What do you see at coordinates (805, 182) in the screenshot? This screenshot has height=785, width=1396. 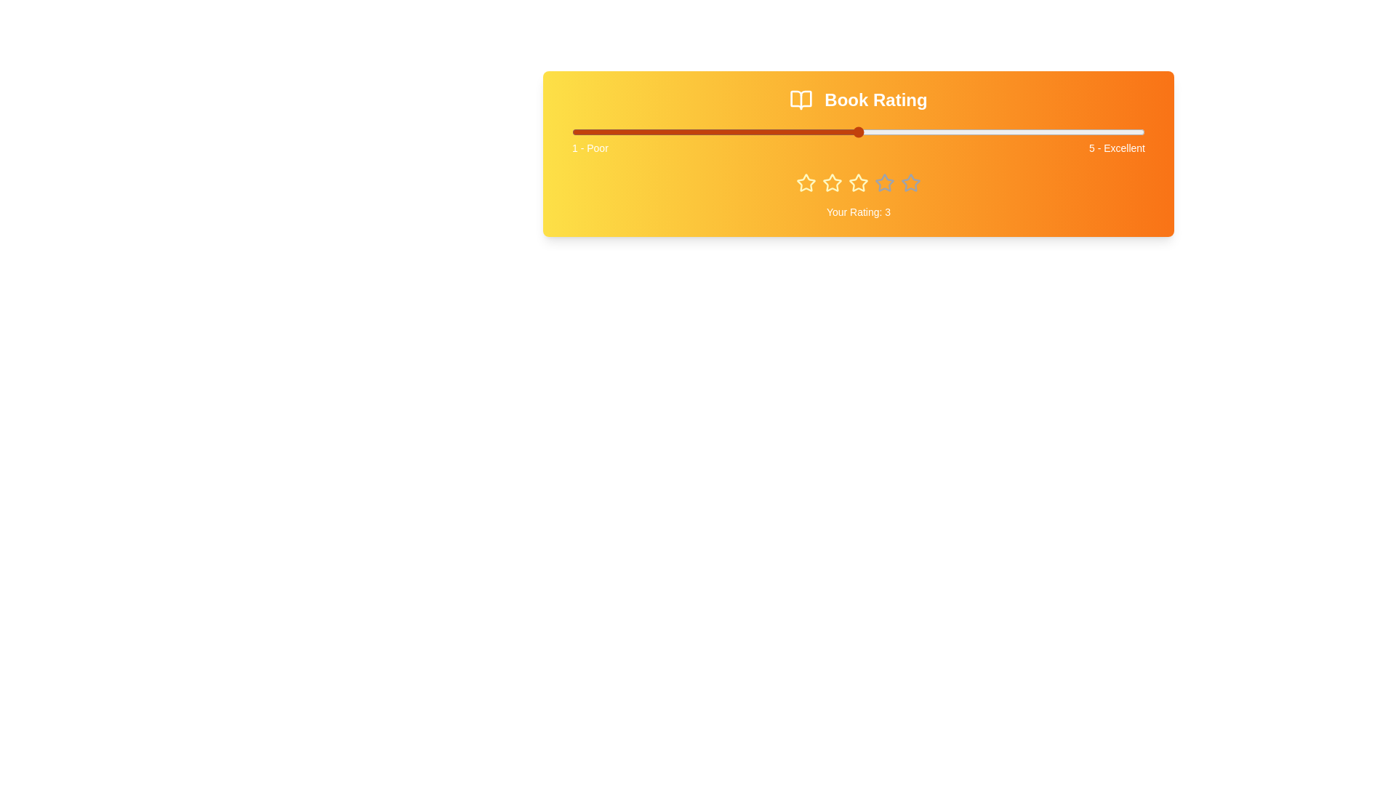 I see `the first star in the 'Your Rating' section` at bounding box center [805, 182].